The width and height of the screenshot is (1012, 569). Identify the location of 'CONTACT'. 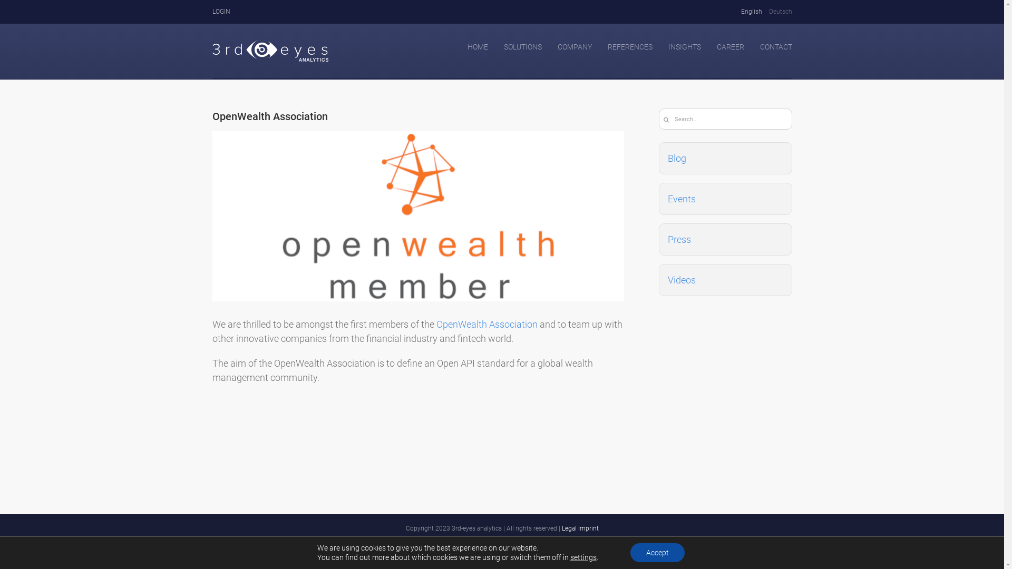
(776, 45).